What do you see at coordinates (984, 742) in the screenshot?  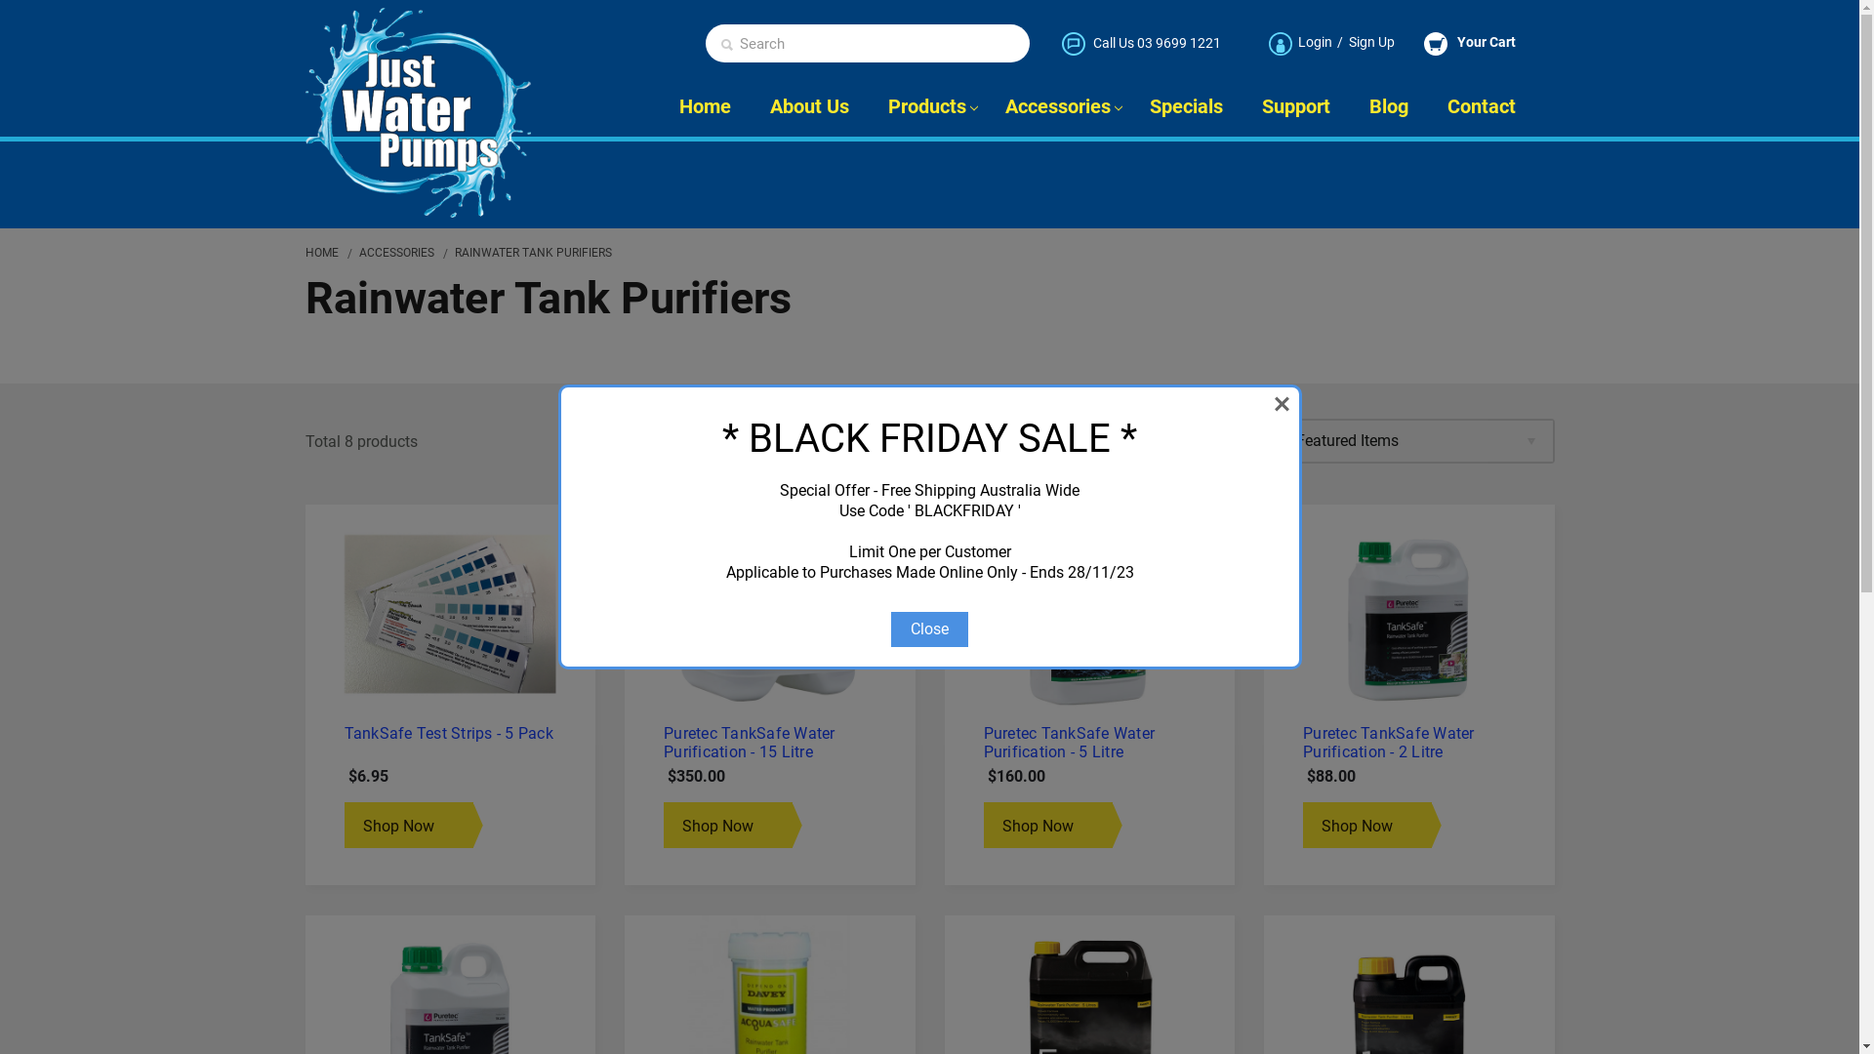 I see `'Puretec TankSafe Water Purification - 5 Litre'` at bounding box center [984, 742].